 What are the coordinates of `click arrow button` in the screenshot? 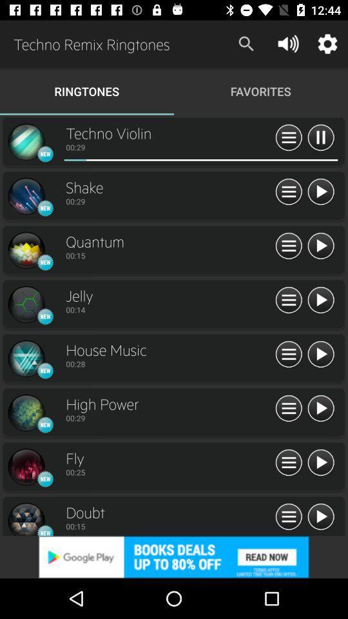 It's located at (320, 300).